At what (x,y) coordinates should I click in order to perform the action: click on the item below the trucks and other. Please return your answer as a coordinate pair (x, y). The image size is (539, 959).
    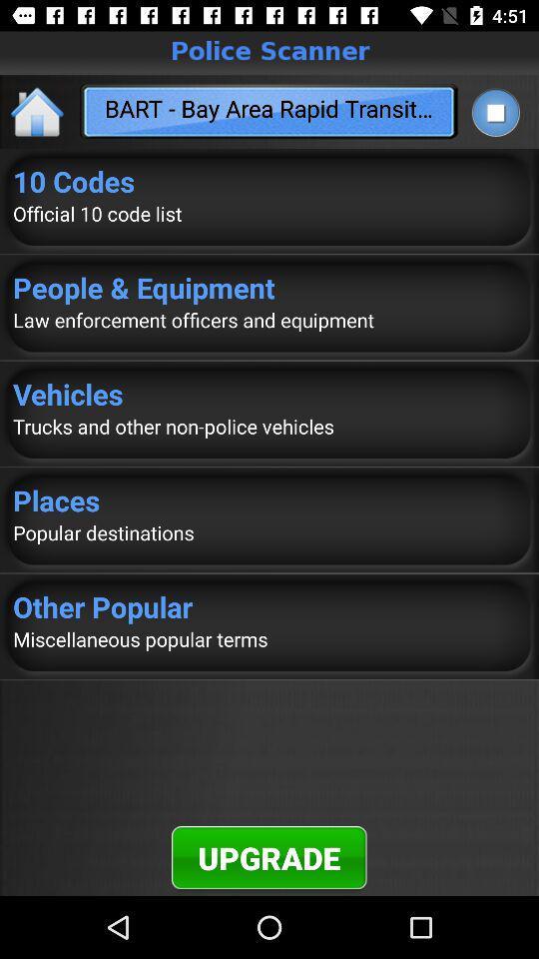
    Looking at the image, I should click on (269, 498).